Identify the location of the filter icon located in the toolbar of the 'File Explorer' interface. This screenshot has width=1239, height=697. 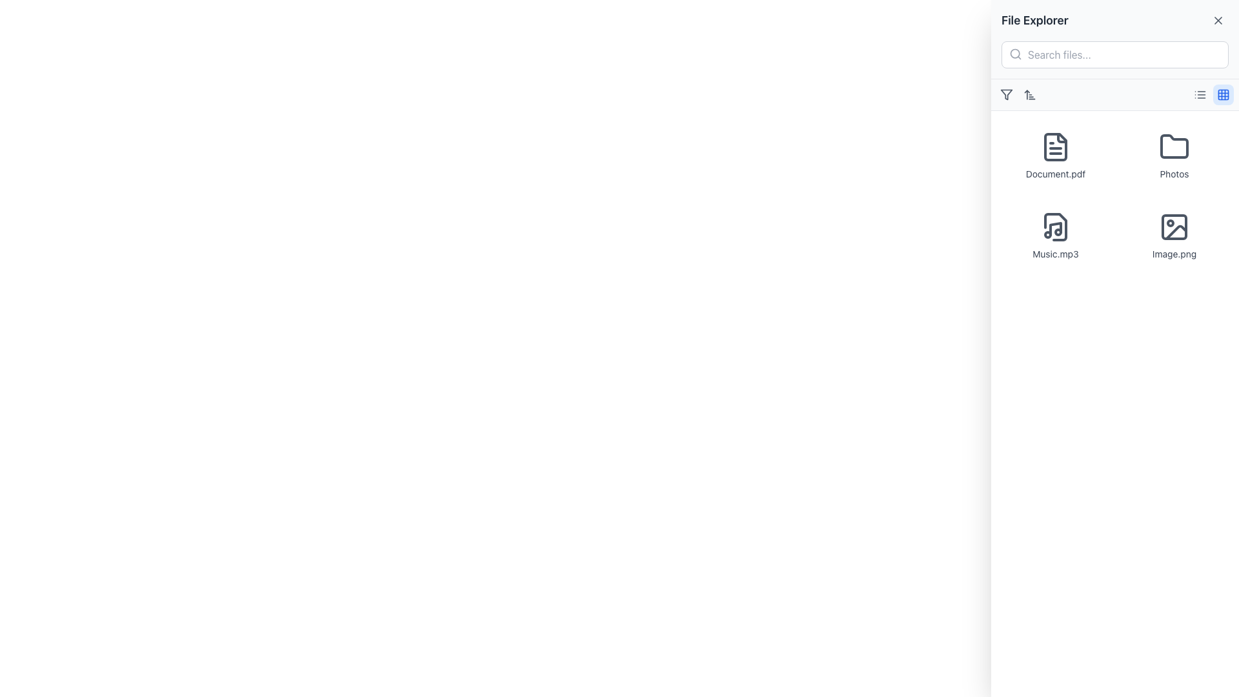
(1006, 94).